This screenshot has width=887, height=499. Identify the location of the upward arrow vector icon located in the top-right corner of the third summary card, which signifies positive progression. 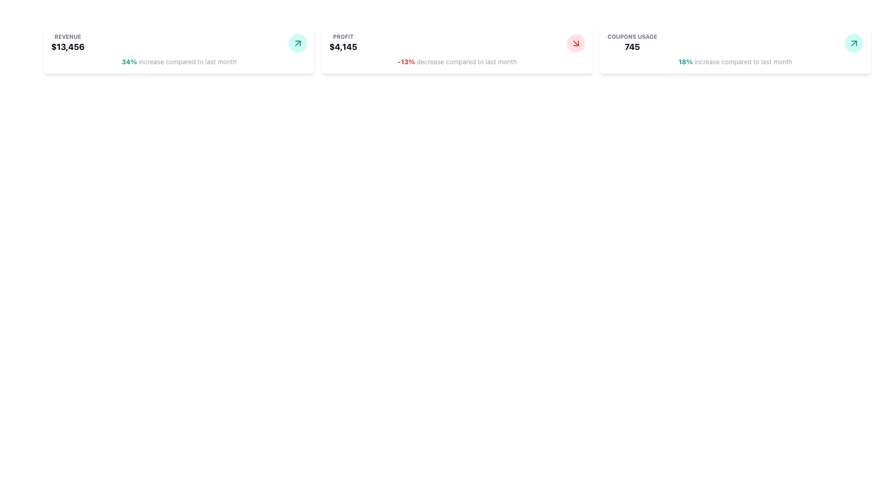
(298, 43).